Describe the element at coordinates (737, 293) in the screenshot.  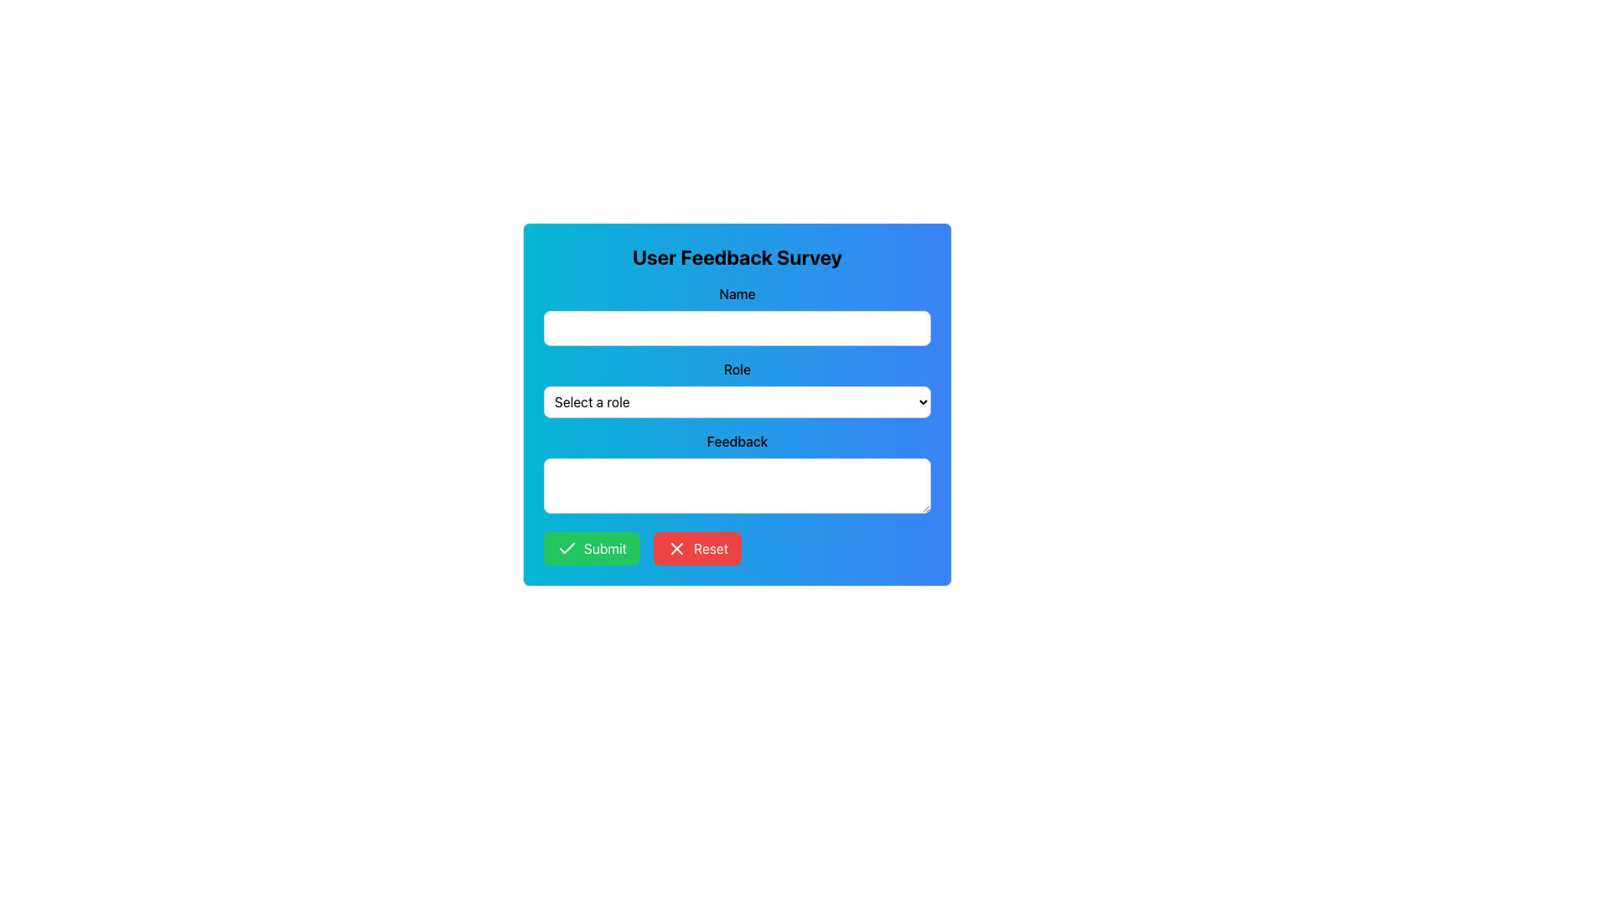
I see `the 'Name' text label which is styled in bold font and located above the text input field in the upper section of the form interface` at that location.